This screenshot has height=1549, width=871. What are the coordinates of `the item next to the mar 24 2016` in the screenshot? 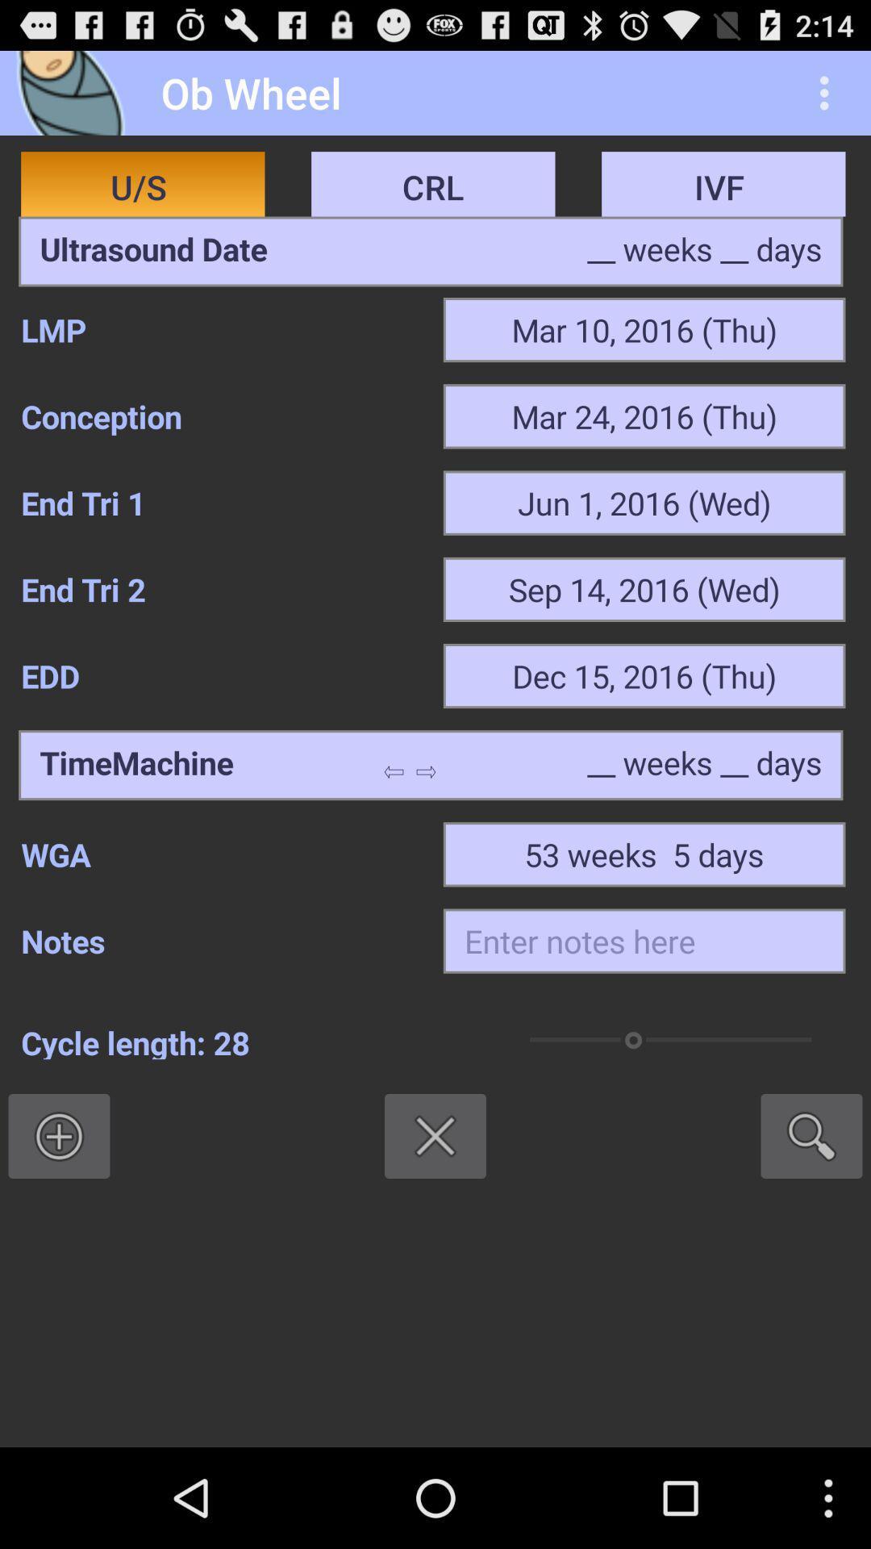 It's located at (221, 416).